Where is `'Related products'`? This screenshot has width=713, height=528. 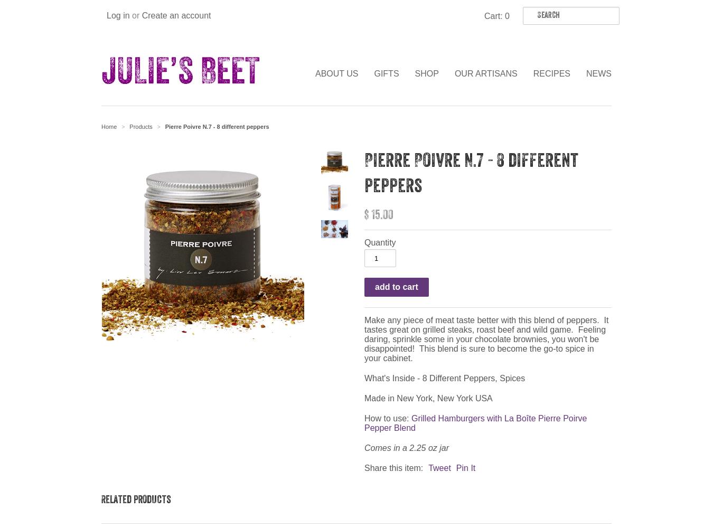
'Related products' is located at coordinates (135, 499).